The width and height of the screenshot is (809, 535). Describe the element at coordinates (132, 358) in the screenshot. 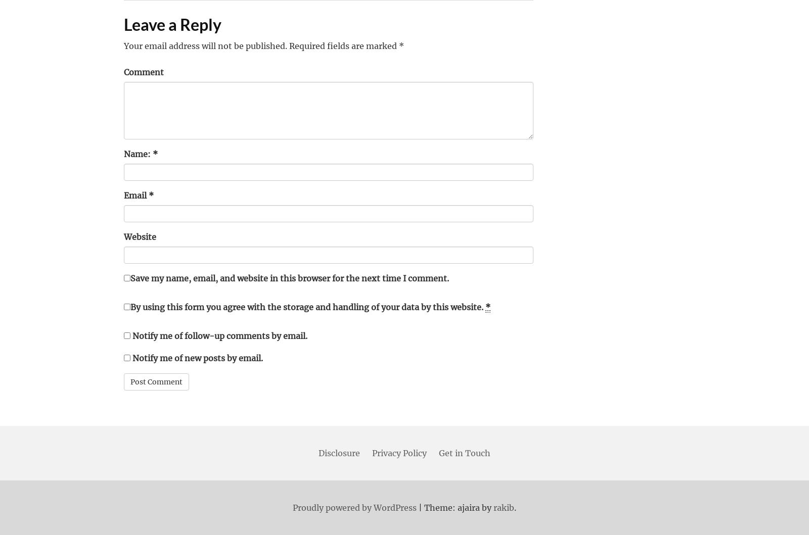

I see `'Notify me of new posts by email.'` at that location.